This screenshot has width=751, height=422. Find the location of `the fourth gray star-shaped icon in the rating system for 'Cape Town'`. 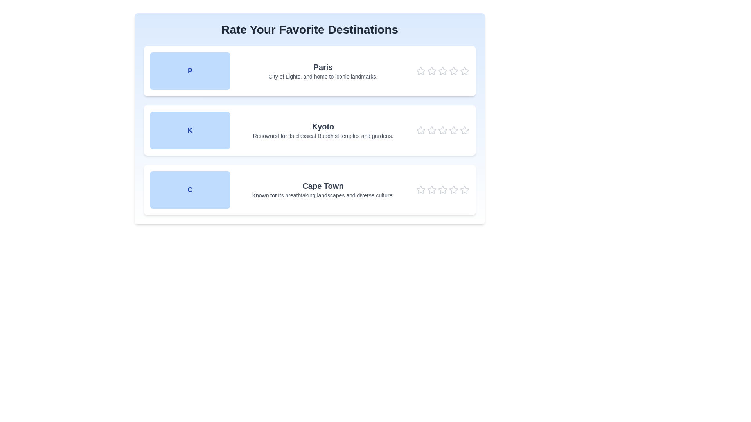

the fourth gray star-shaped icon in the rating system for 'Cape Town' is located at coordinates (443, 190).